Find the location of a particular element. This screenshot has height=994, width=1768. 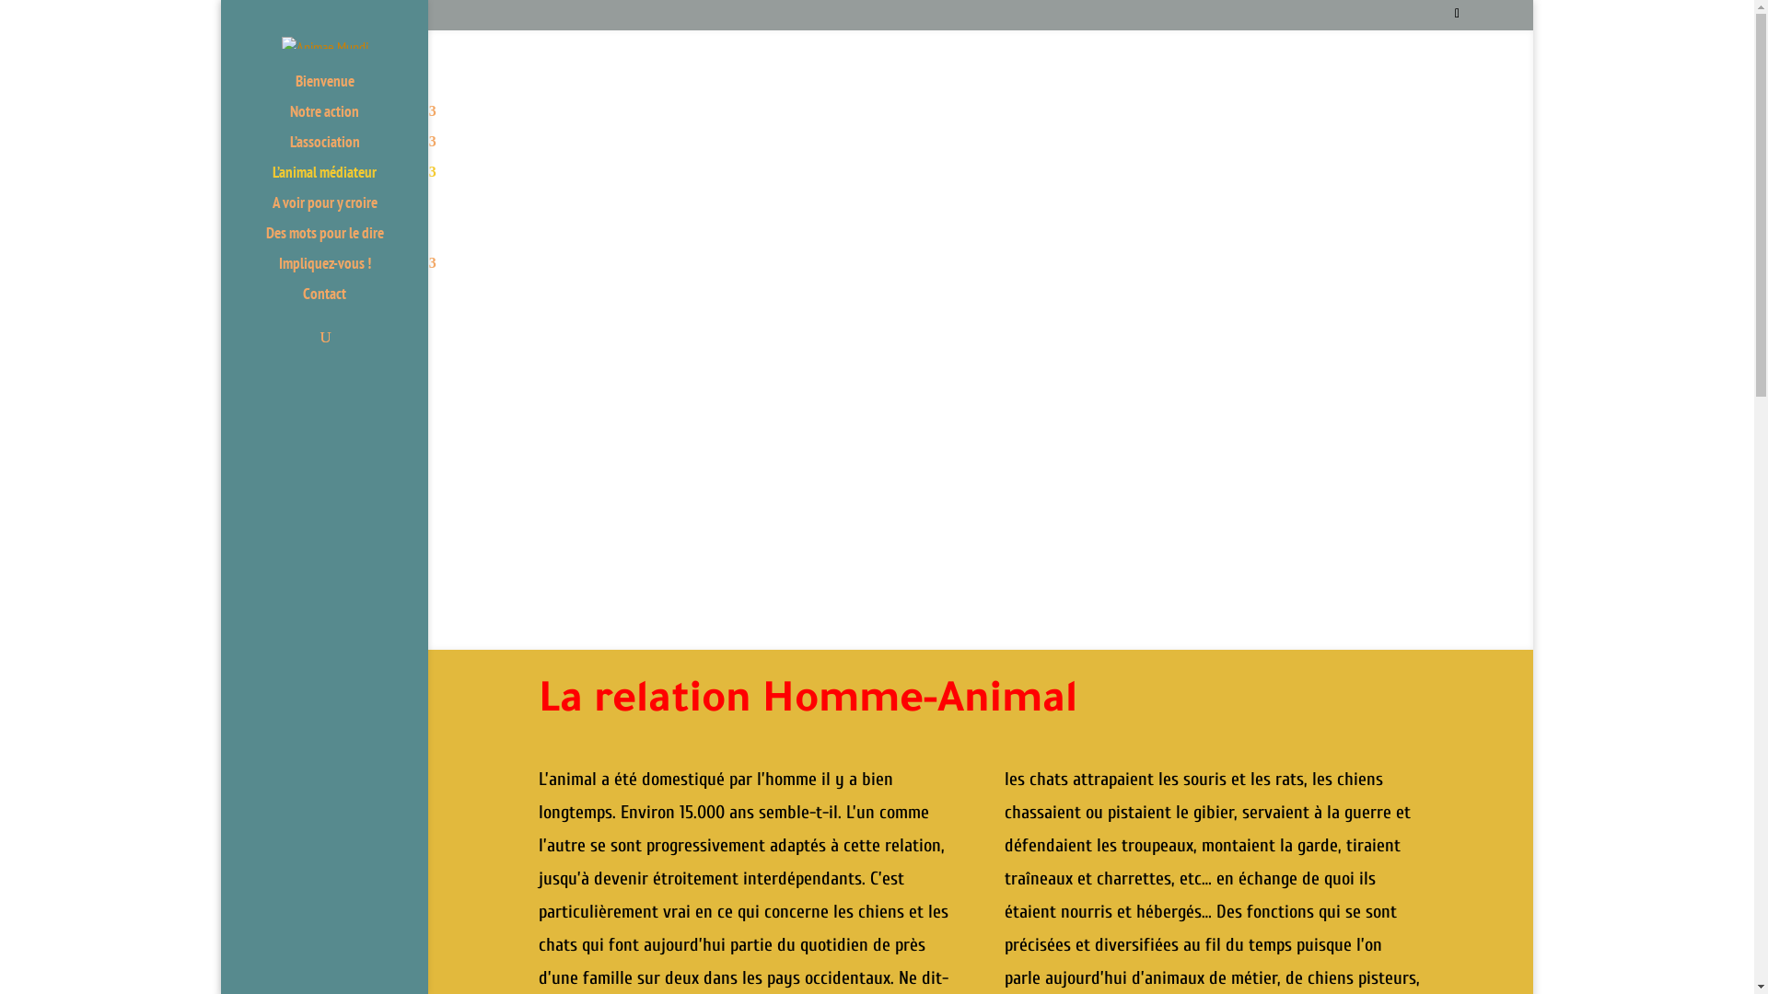

'Impliquez-vous !' is located at coordinates (343, 272).